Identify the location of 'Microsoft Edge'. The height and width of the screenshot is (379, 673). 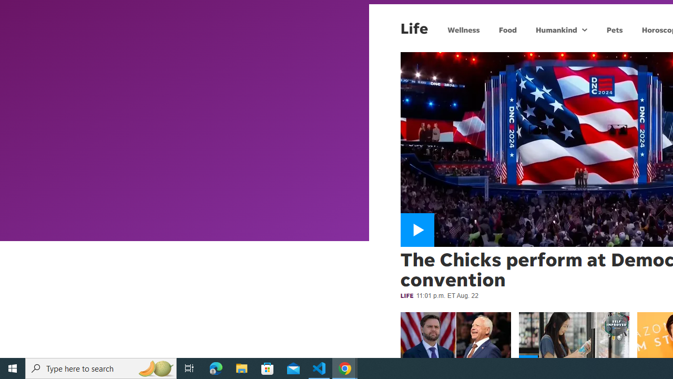
(216, 367).